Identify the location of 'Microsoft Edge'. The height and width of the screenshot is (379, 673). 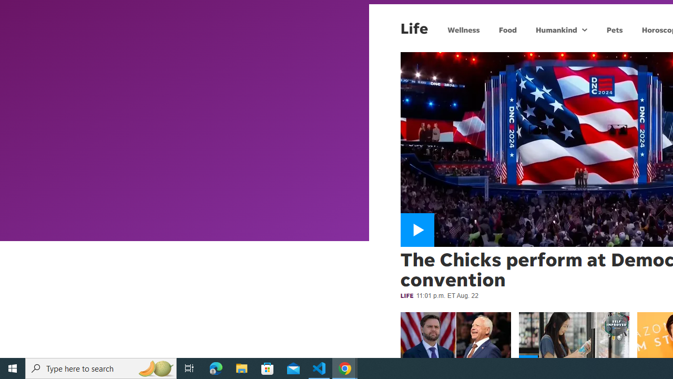
(216, 367).